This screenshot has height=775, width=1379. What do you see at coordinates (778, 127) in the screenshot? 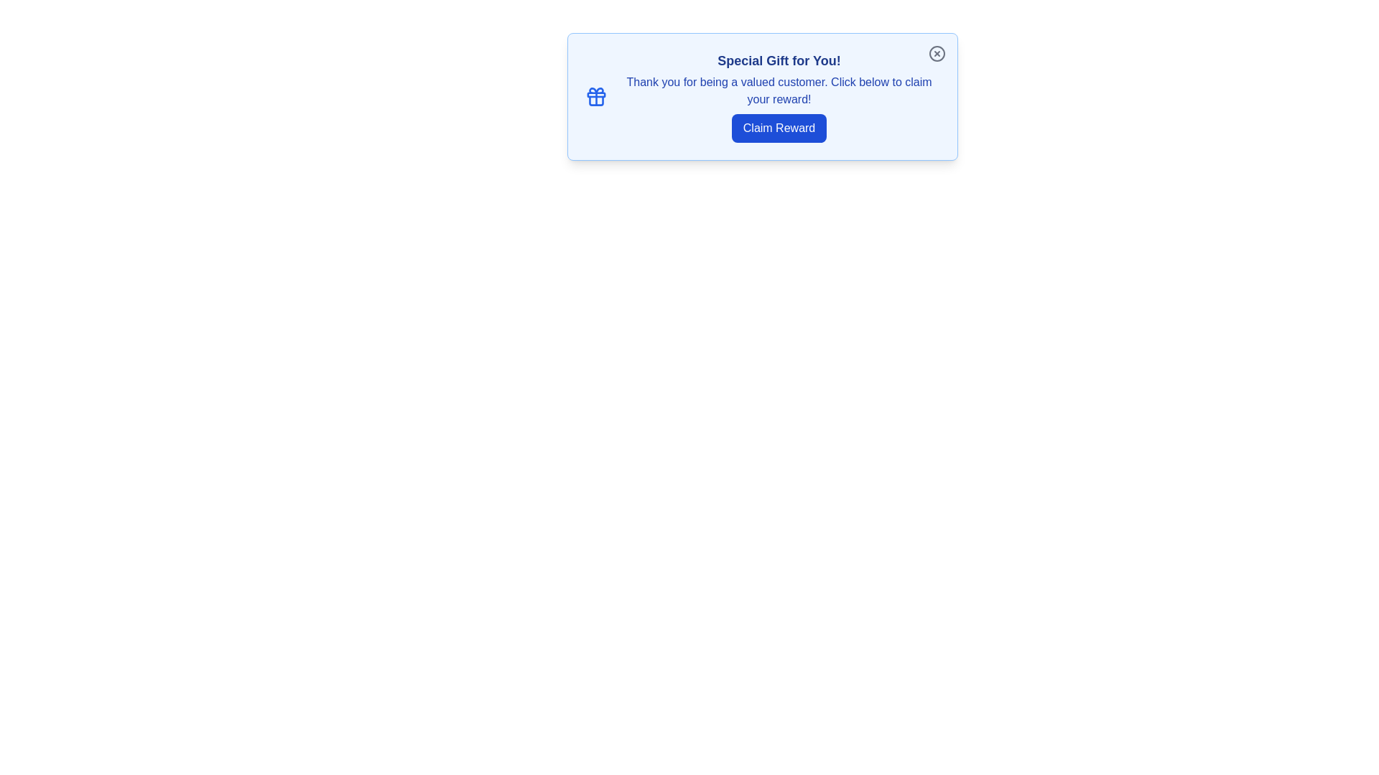
I see `the 'Claim Reward' button to claim the reward` at bounding box center [778, 127].